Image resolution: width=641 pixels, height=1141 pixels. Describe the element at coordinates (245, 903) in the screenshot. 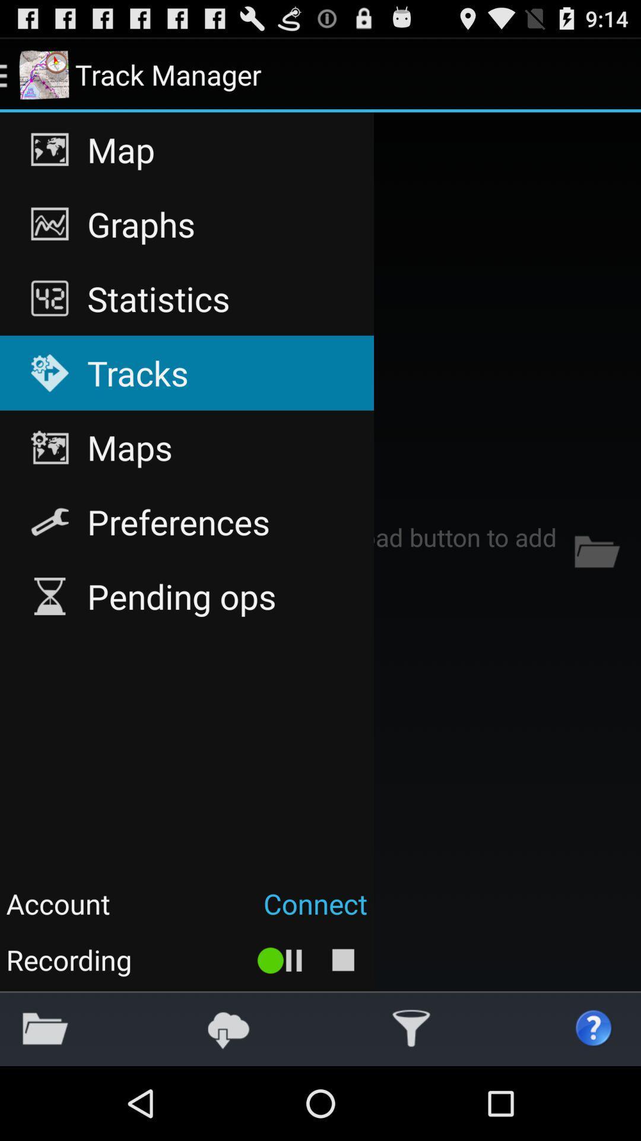

I see `the icon next to the account item` at that location.